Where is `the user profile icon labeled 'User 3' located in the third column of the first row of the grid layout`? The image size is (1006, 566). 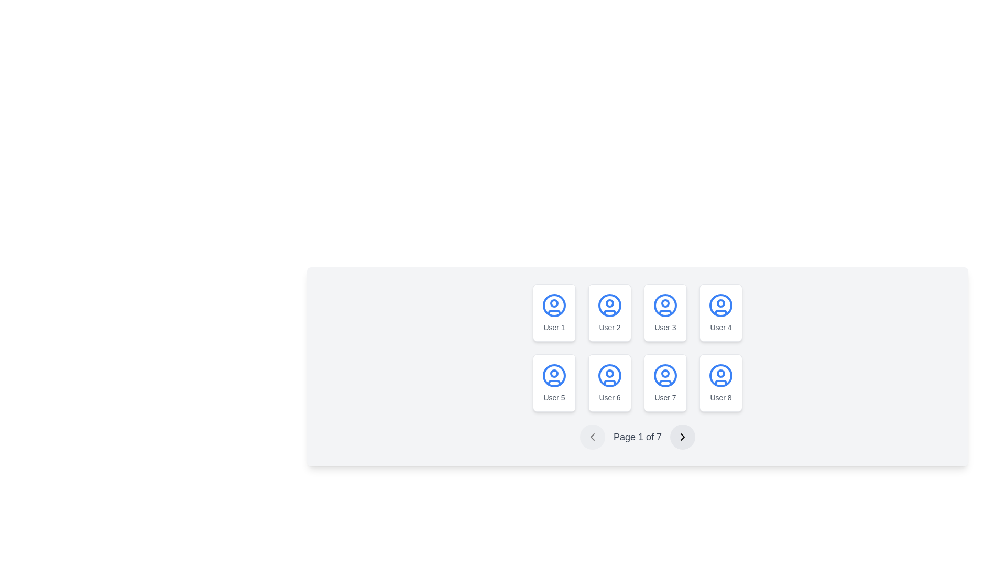 the user profile icon labeled 'User 3' located in the third column of the first row of the grid layout is located at coordinates (665, 305).